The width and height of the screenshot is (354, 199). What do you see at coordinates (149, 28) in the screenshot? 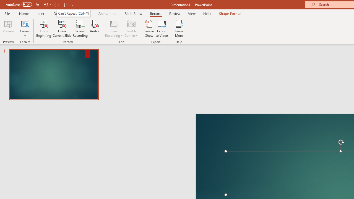
I see `'Save as Show'` at bounding box center [149, 28].